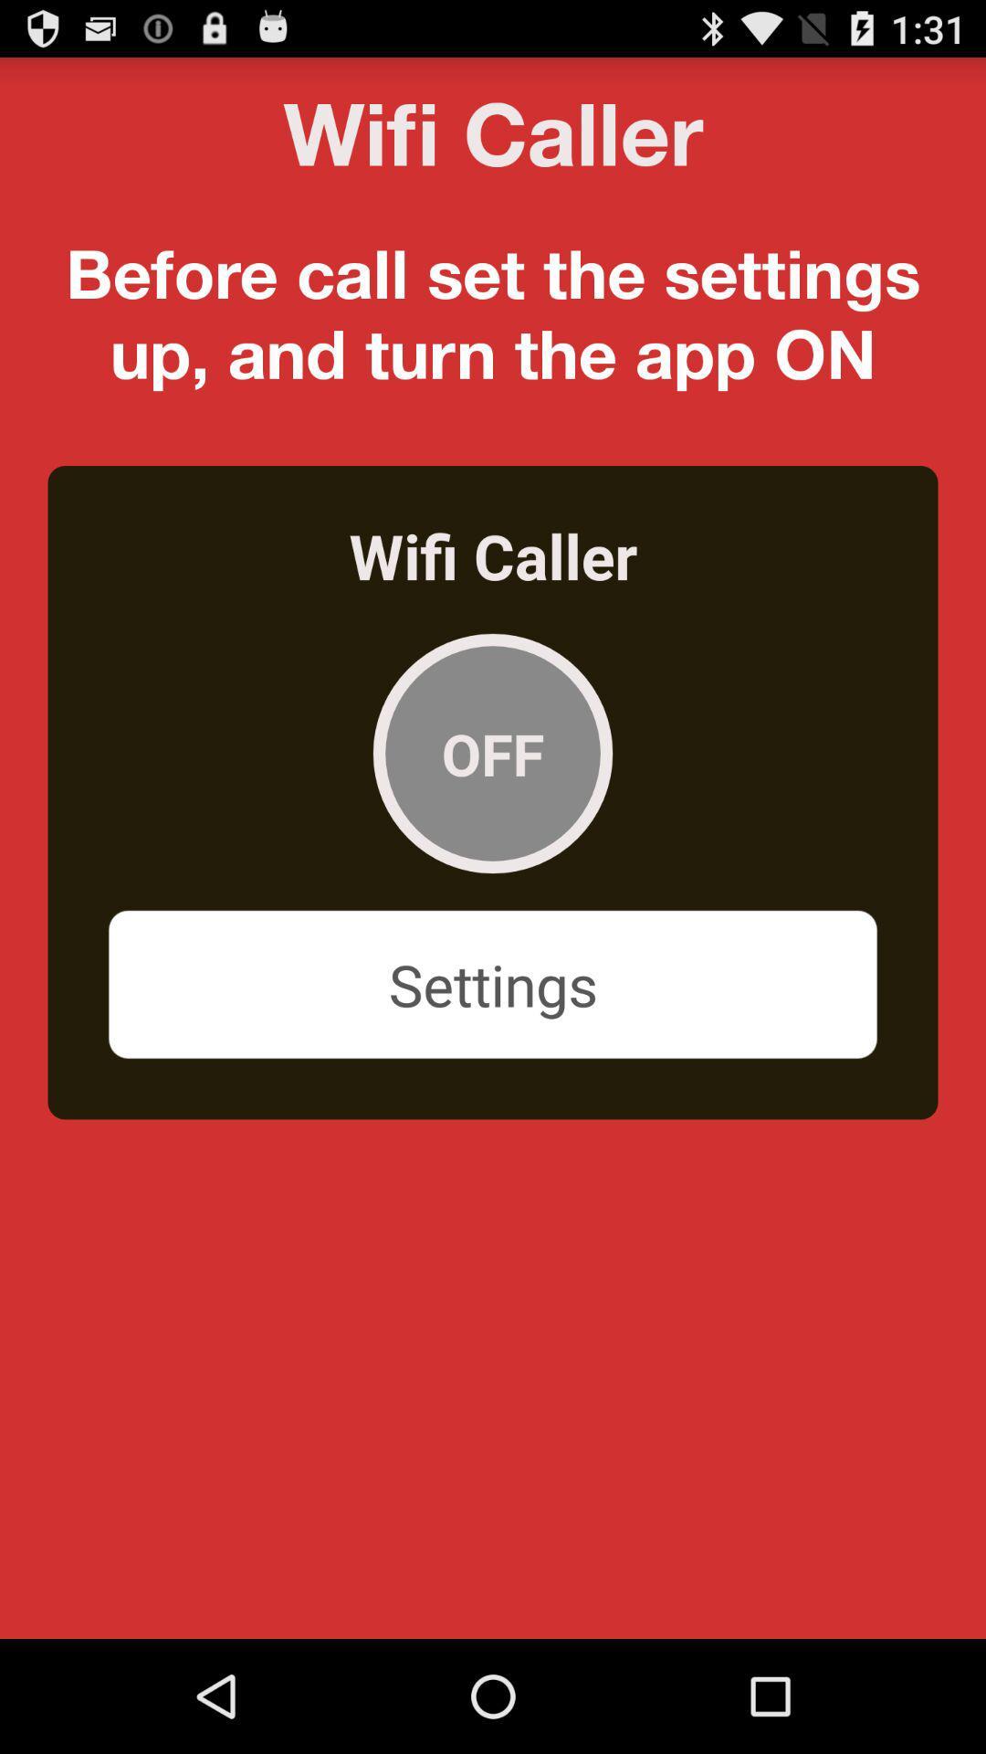 The width and height of the screenshot is (986, 1754). Describe the element at coordinates (493, 754) in the screenshot. I see `icon below wifi caller icon` at that location.